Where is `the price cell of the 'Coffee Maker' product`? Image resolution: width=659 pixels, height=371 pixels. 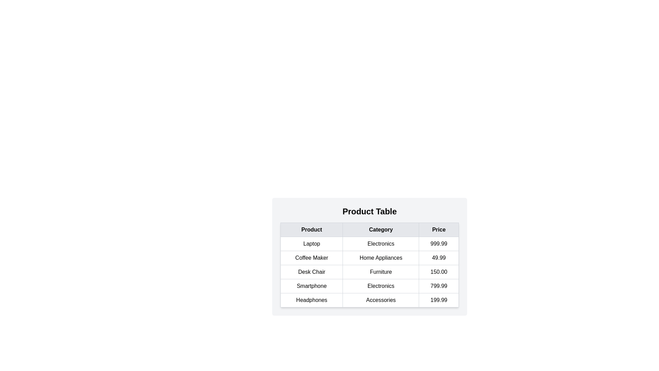
the price cell of the 'Coffee Maker' product is located at coordinates (438, 258).